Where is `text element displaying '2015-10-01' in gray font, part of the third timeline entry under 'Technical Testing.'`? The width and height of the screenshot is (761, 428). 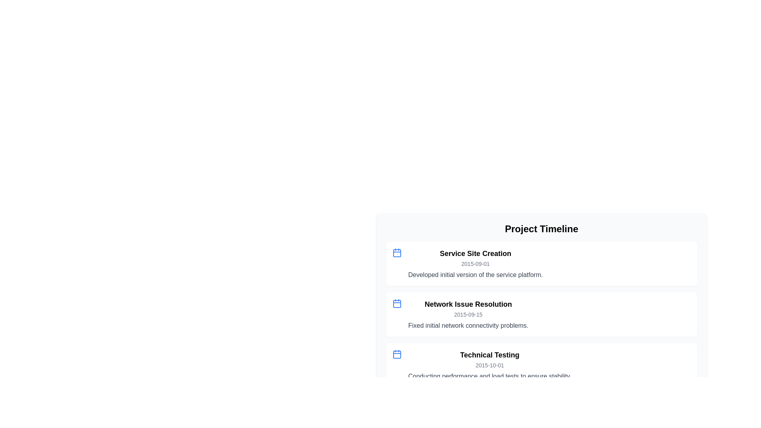
text element displaying '2015-10-01' in gray font, part of the third timeline entry under 'Technical Testing.' is located at coordinates (489, 365).